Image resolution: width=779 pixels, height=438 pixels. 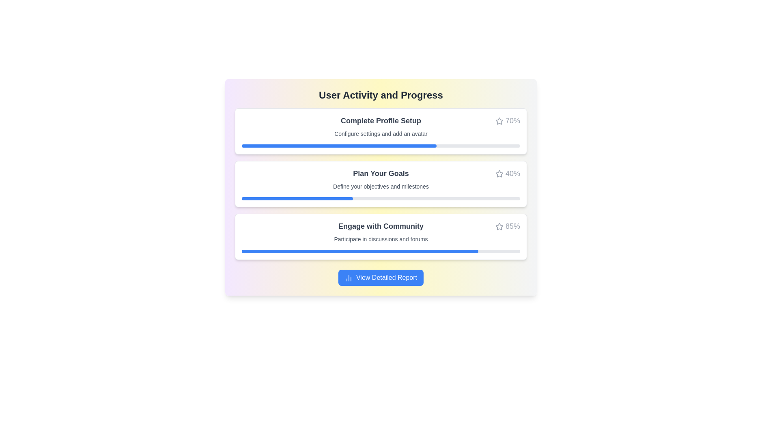 I want to click on headline text displayed at the top-center of the progress card, summarizing the section's title, so click(x=381, y=173).